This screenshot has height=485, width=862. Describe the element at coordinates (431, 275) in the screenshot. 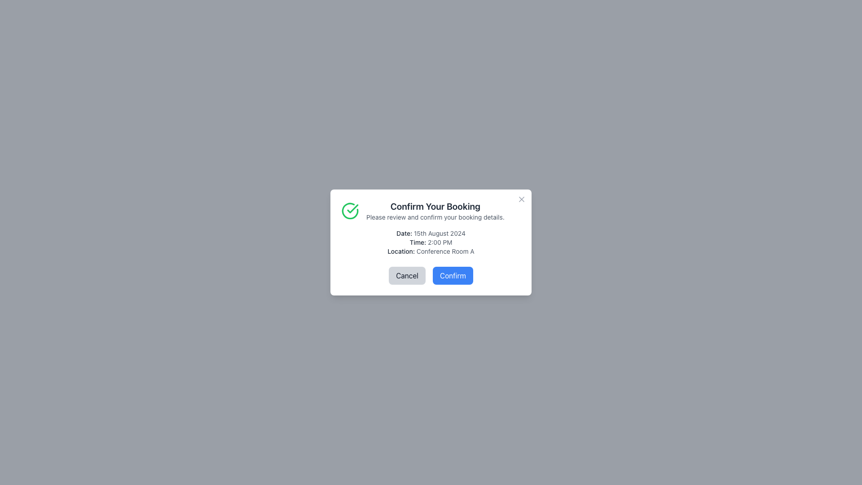

I see `the 'Cancel' or 'Confirm' button in the horizontal button group within the 'Confirm Your Booking' modal` at that location.